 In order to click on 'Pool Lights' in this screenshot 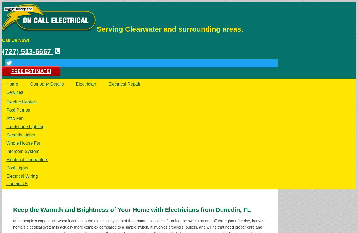, I will do `click(17, 168)`.